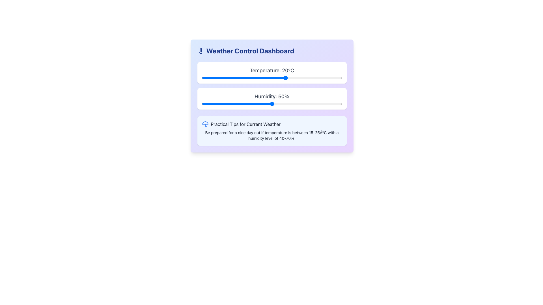 The image size is (543, 305). I want to click on the humidity level, so click(235, 104).